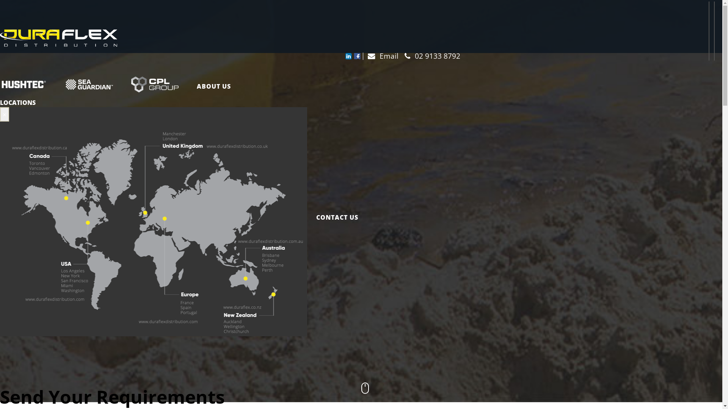 The width and height of the screenshot is (728, 409). What do you see at coordinates (333, 217) in the screenshot?
I see `'CONTACT US'` at bounding box center [333, 217].